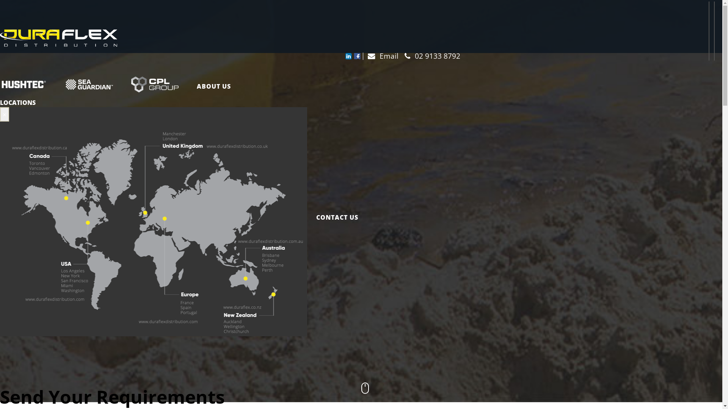 The width and height of the screenshot is (728, 409). What do you see at coordinates (333, 217) in the screenshot?
I see `'CONTACT US'` at bounding box center [333, 217].